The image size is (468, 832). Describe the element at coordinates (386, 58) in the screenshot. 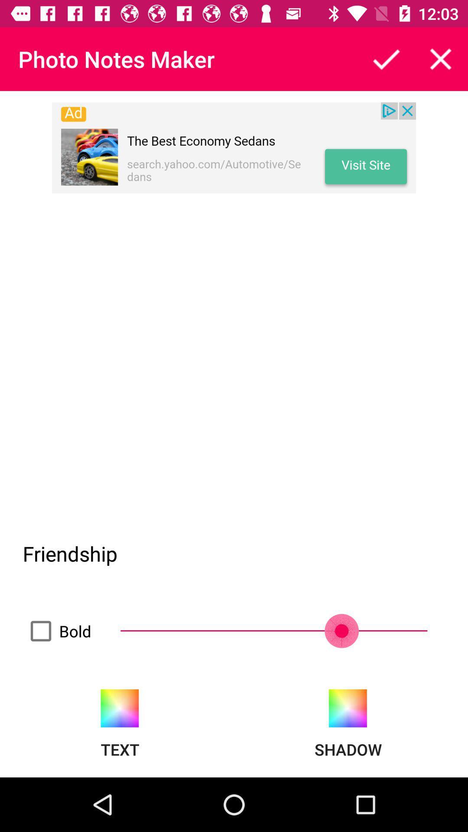

I see `save` at that location.